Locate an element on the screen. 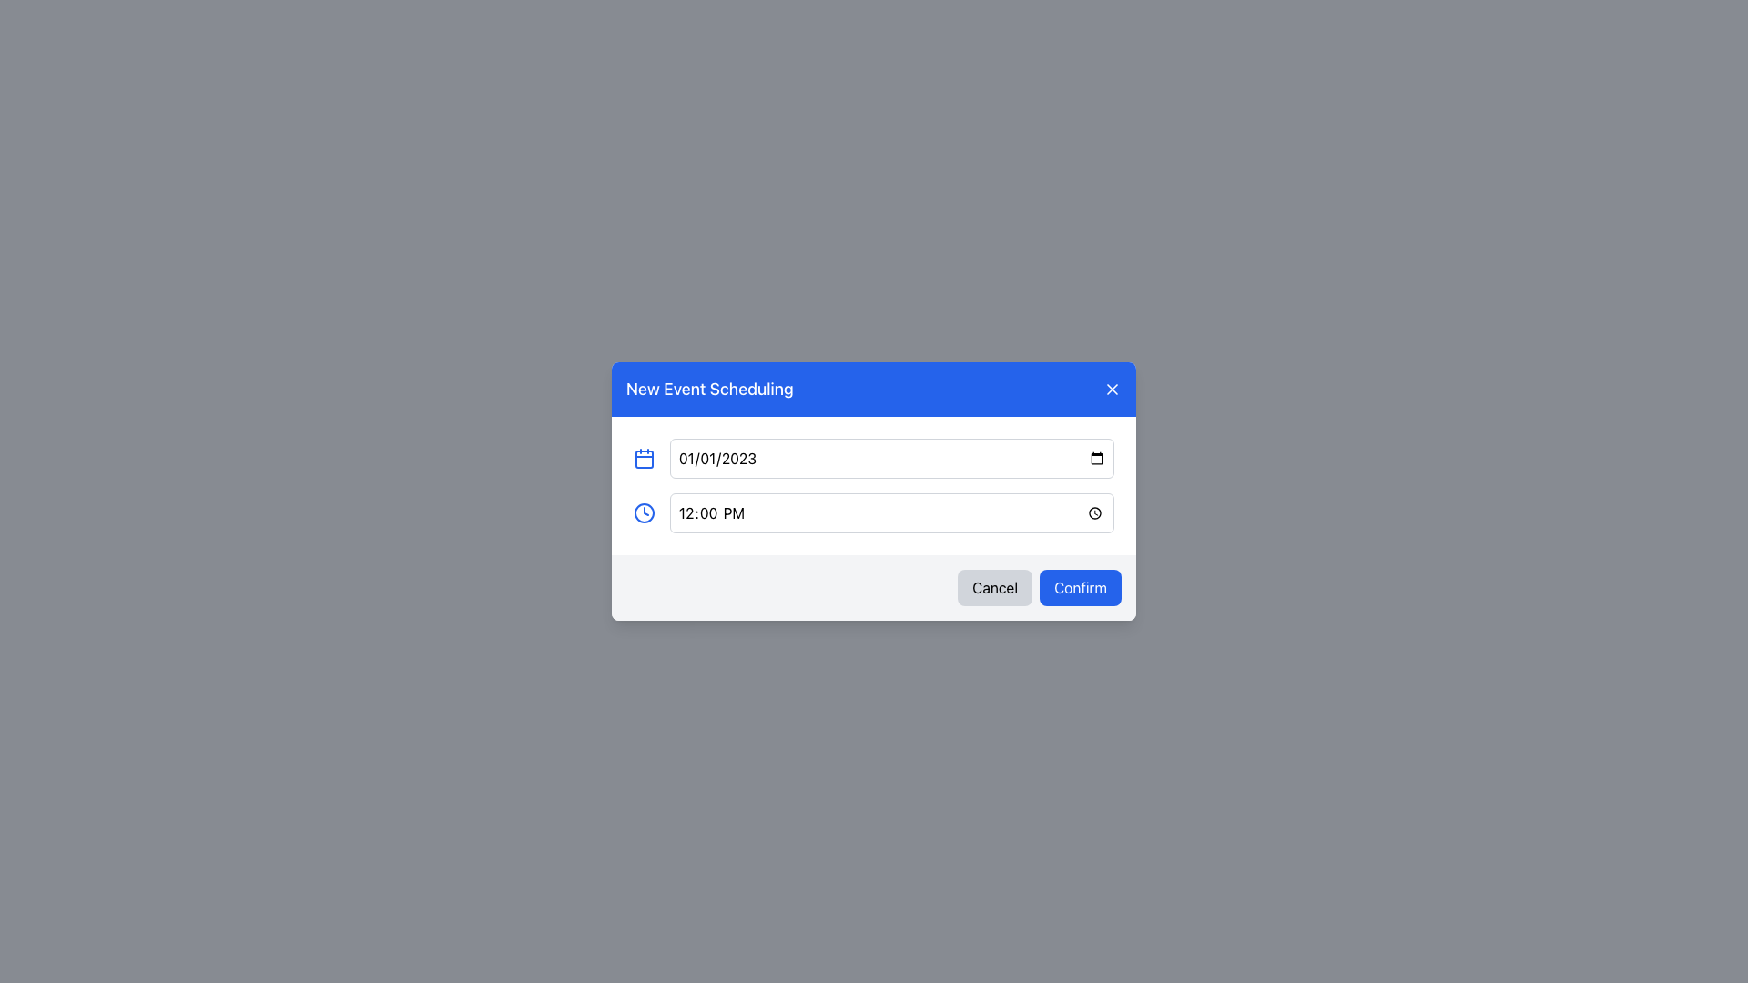  the 'Cancel' button located at the bottom-right corner of the dialog box is located at coordinates (994, 587).